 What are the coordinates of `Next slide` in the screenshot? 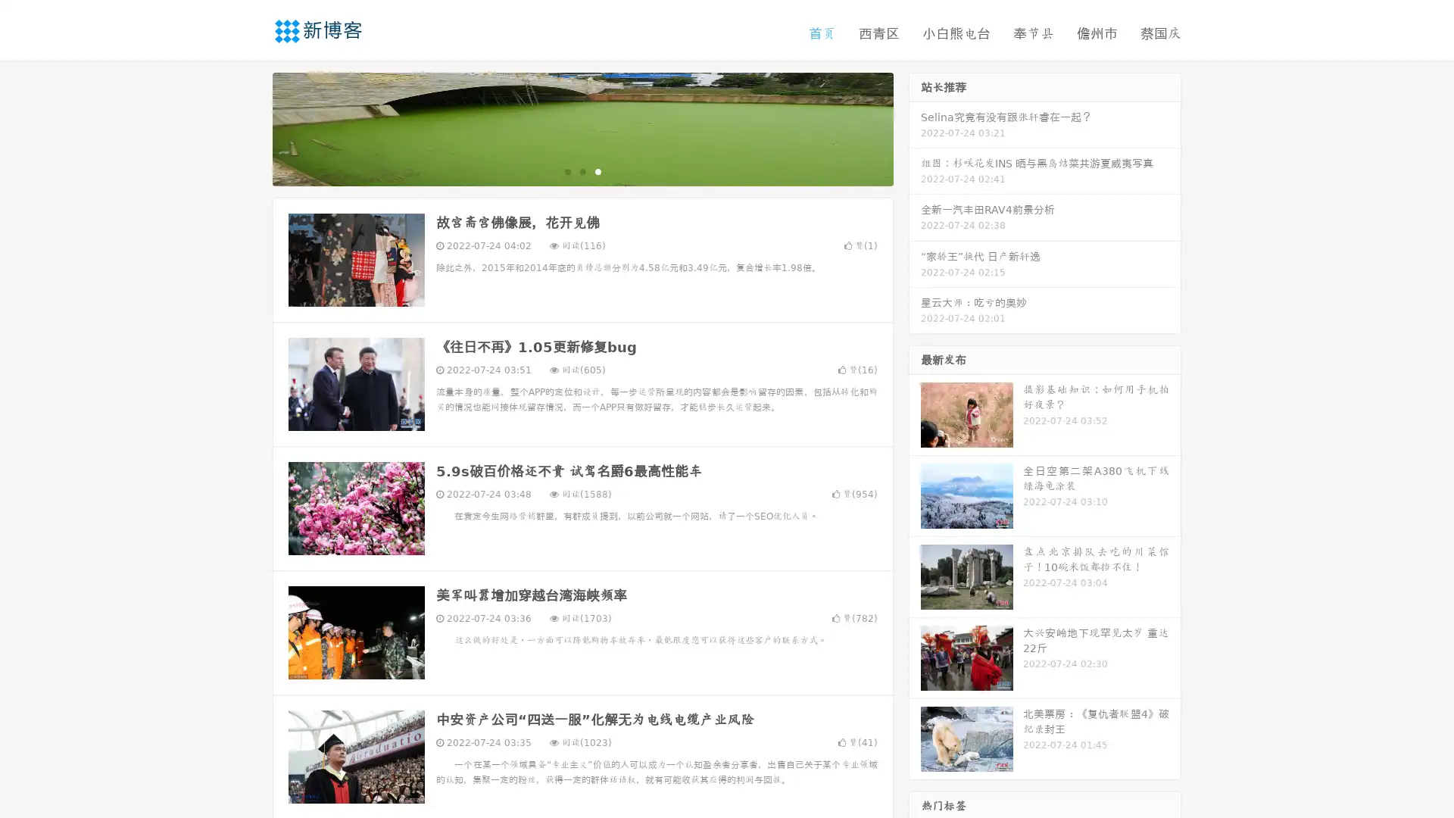 It's located at (915, 127).